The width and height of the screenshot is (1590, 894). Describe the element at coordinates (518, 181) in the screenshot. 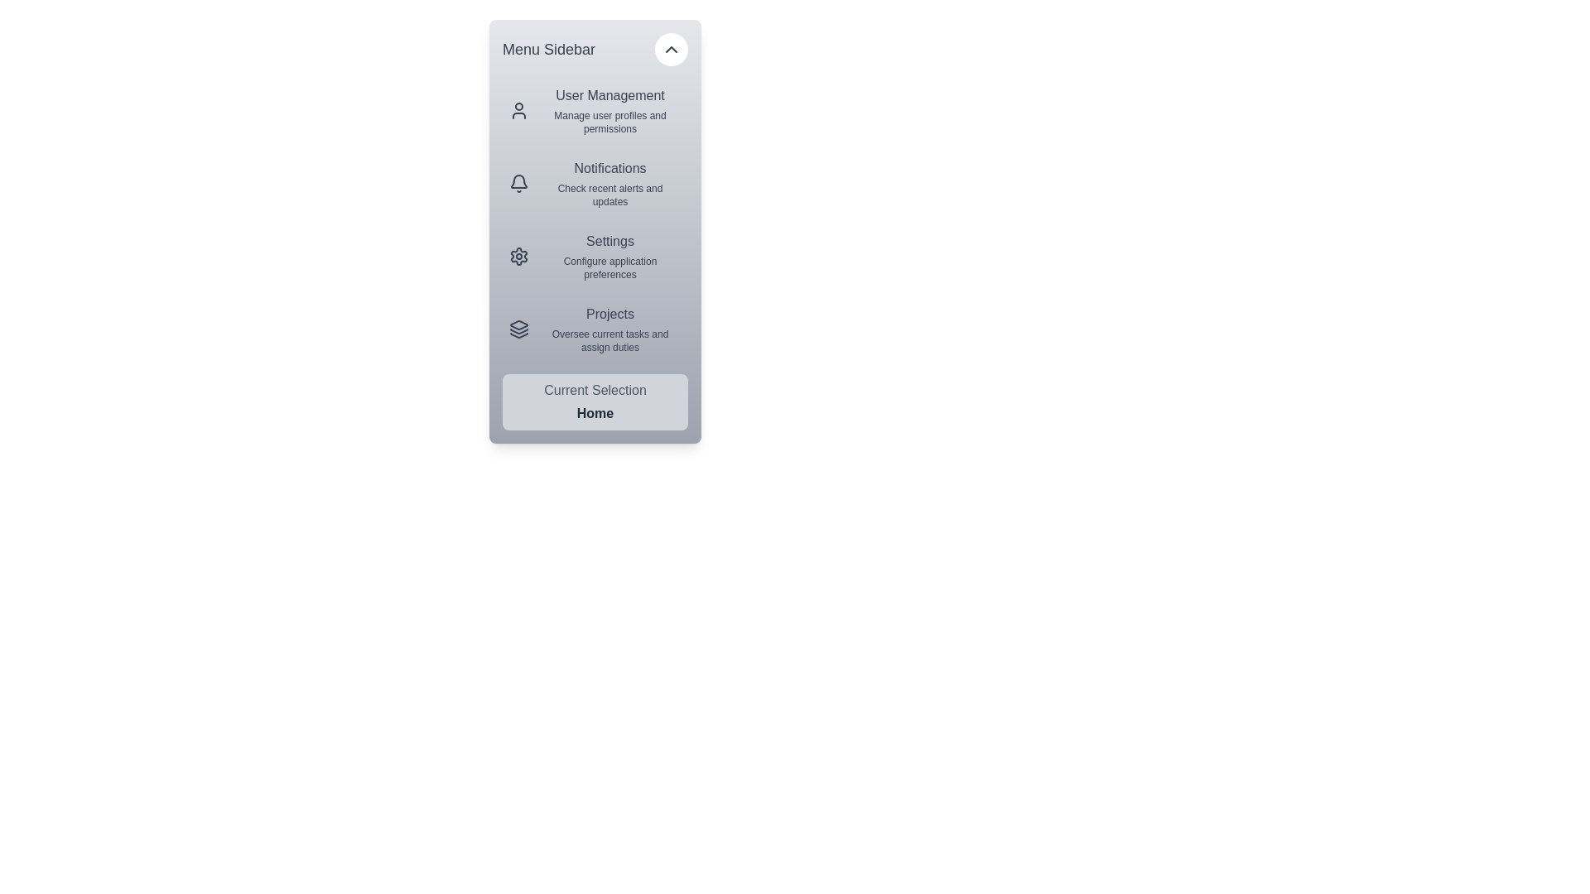

I see `the bell icon in the menu sidebar that signifies notifications, located directly below the User Management icon and above the Settings icon` at that location.